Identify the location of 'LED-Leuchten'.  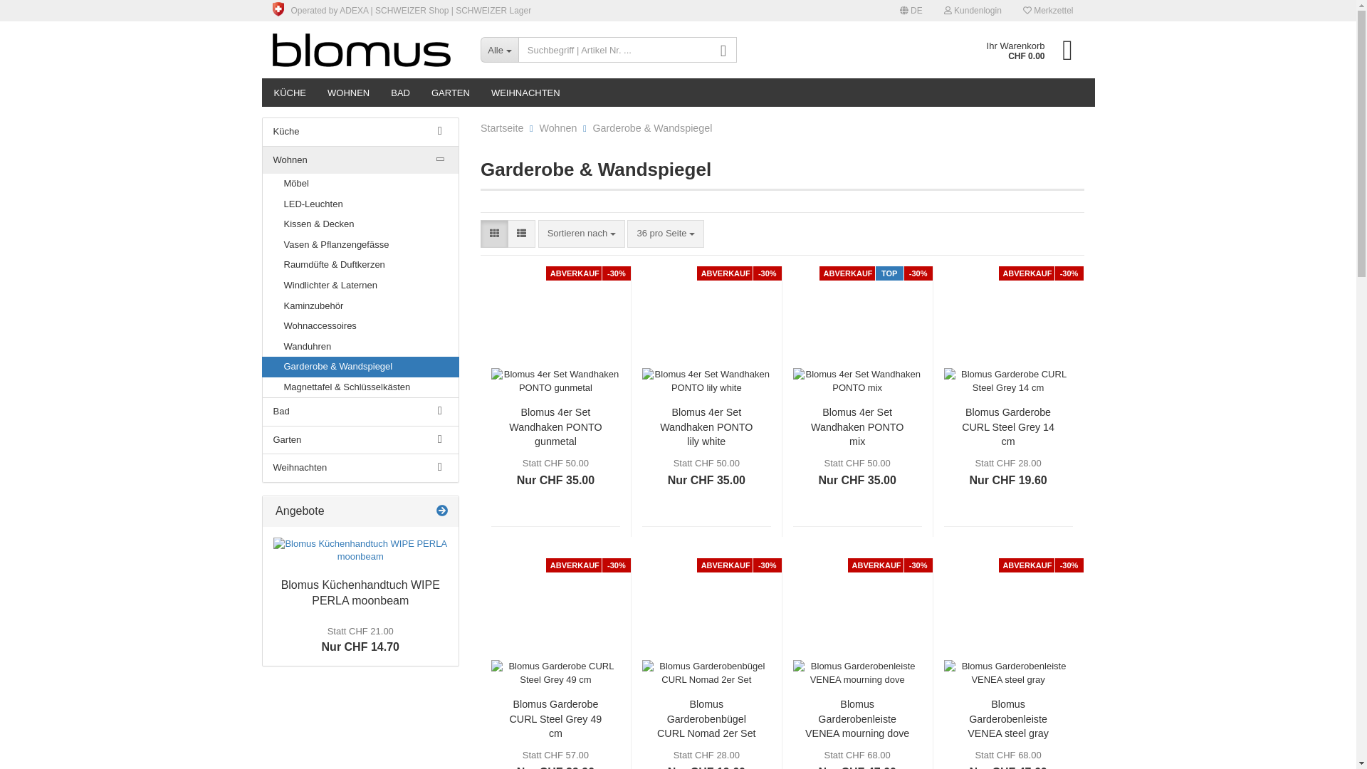
(360, 204).